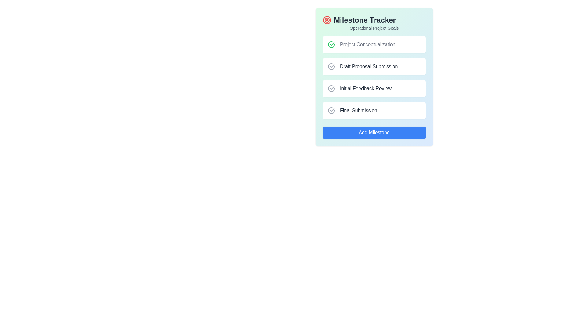 This screenshot has width=587, height=330. Describe the element at coordinates (374, 111) in the screenshot. I see `the List item or milestone card labeled 'Final Submission', which is the fourth item in the Milestone Tracker section` at that location.